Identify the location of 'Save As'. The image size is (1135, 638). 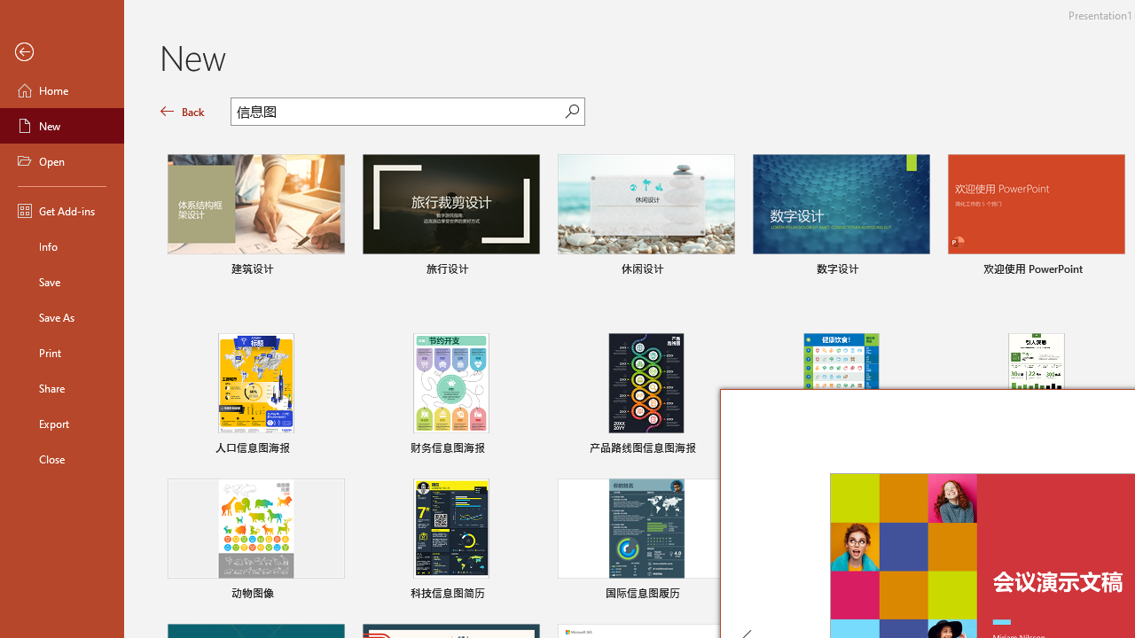
(61, 315).